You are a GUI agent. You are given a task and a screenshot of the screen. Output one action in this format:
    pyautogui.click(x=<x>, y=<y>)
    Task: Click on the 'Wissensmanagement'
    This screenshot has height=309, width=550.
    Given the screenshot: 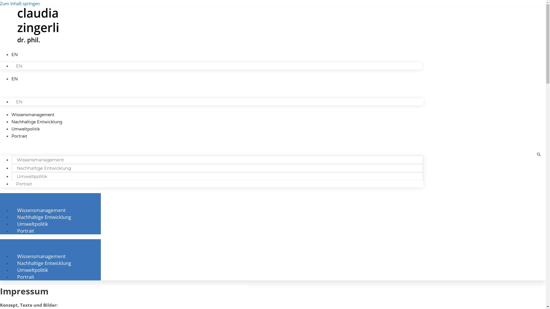 What is the action you would take?
    pyautogui.click(x=40, y=160)
    